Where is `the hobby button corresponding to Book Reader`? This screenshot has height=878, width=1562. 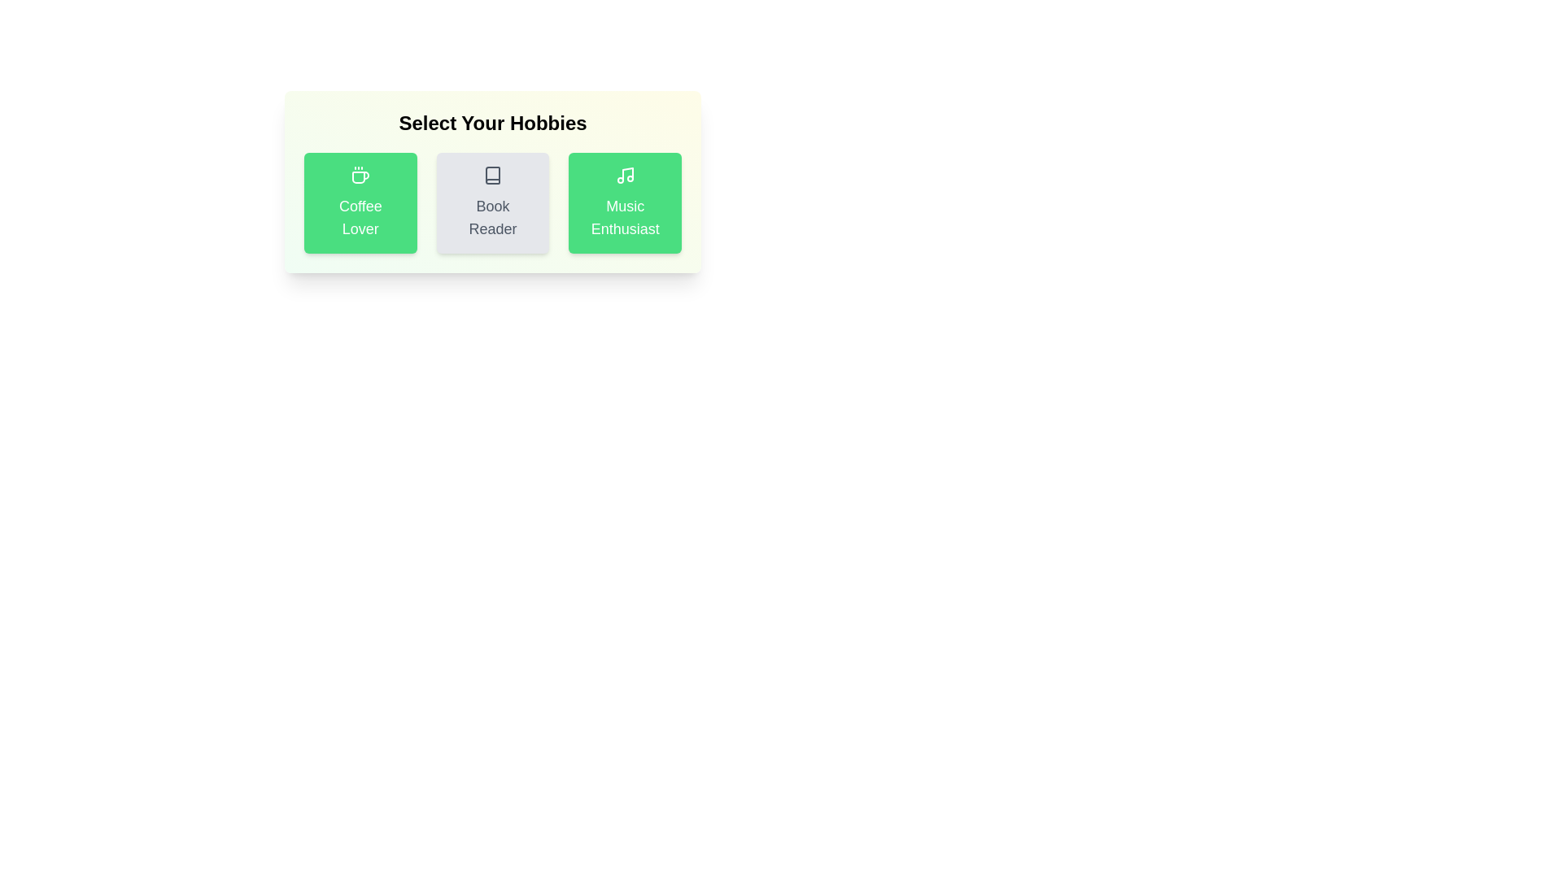
the hobby button corresponding to Book Reader is located at coordinates (491, 202).